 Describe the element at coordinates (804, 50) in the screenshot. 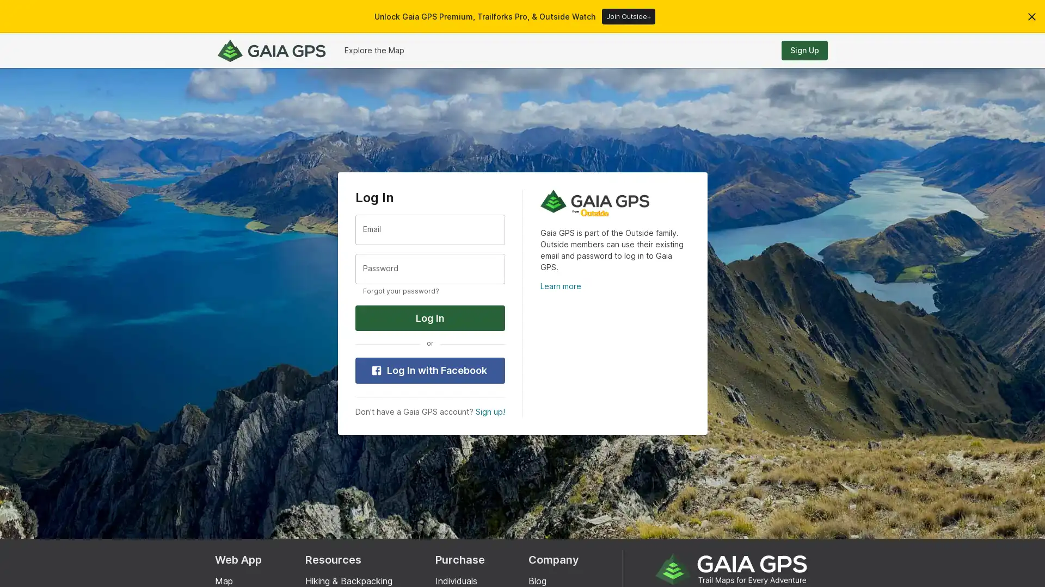

I see `Sign Up` at that location.